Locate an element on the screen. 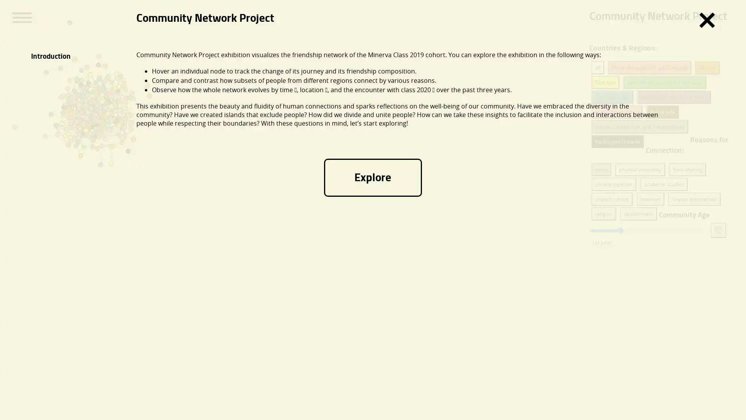  physical proximity is located at coordinates (640, 169).